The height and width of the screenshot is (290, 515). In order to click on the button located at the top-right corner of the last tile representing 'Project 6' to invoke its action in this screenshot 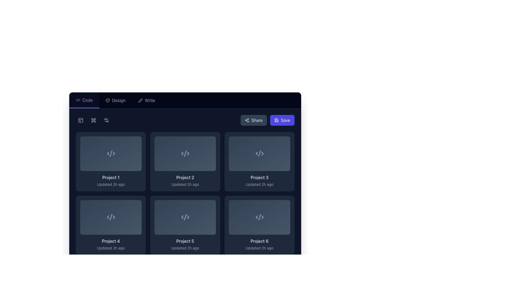, I will do `click(289, 201)`.